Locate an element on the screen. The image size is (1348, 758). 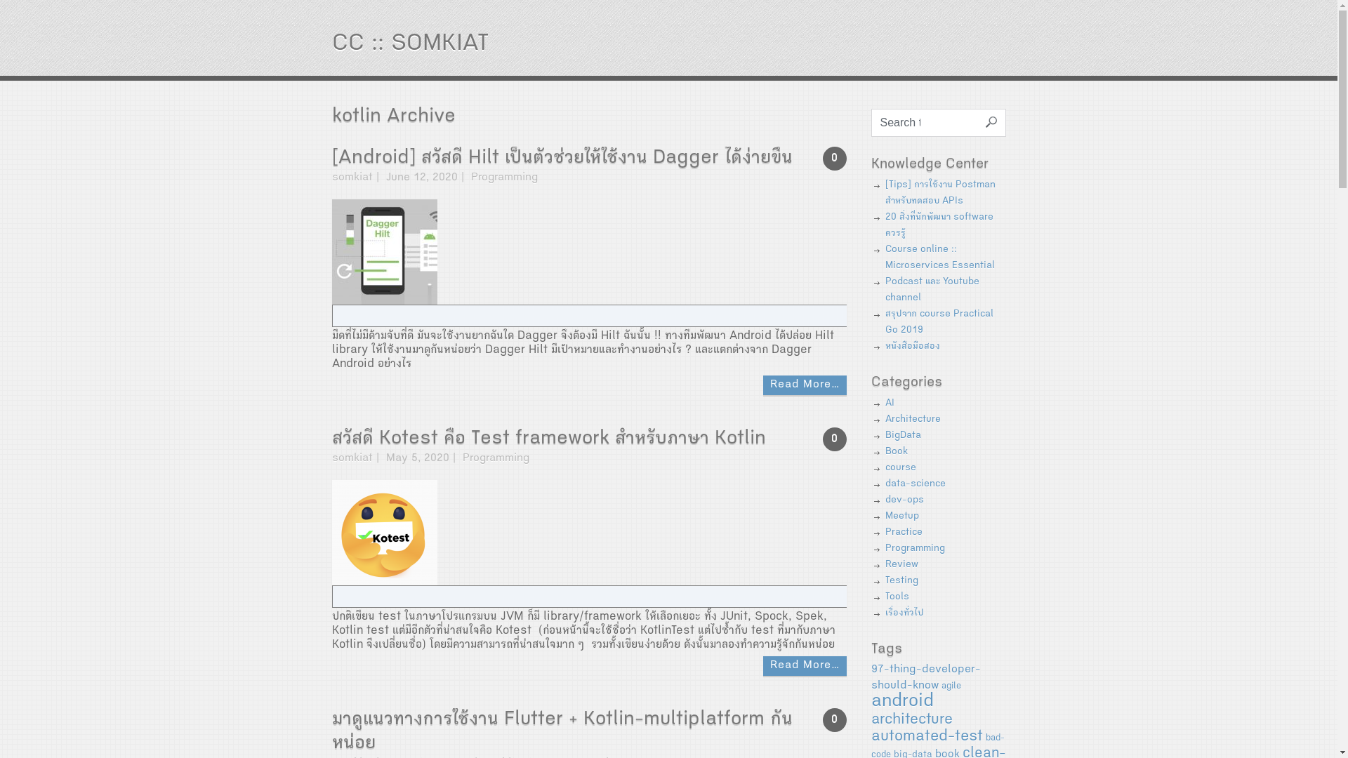
'data-science' is located at coordinates (914, 484).